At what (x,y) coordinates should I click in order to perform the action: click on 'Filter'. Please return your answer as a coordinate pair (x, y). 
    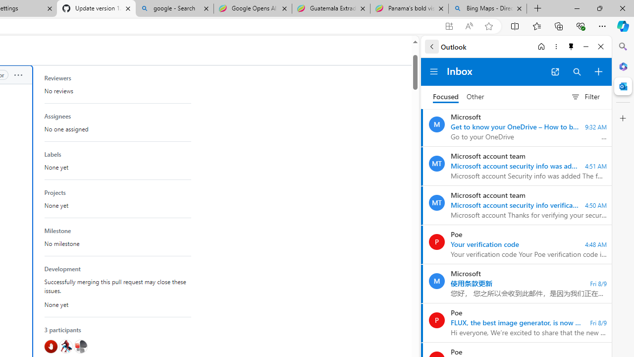
    Looking at the image, I should click on (585, 97).